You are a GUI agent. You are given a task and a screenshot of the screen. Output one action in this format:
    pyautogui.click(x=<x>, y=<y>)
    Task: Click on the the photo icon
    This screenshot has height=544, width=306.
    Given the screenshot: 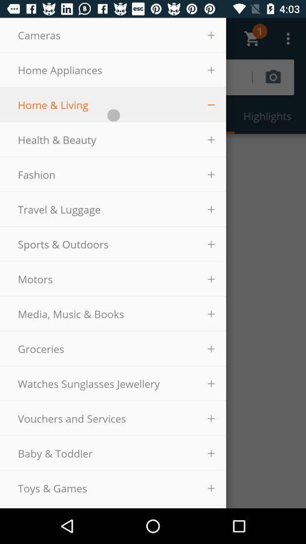 What is the action you would take?
    pyautogui.click(x=284, y=76)
    